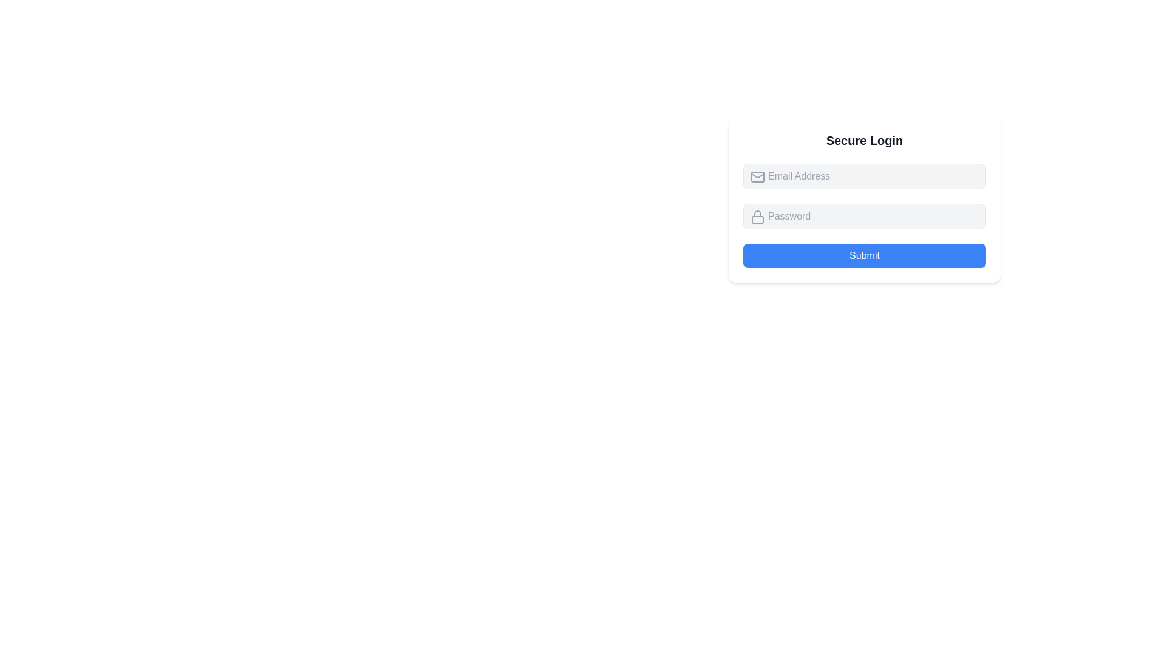  Describe the element at coordinates (864, 200) in the screenshot. I see `the Password input field located below the Email Address field and above the Submit button` at that location.